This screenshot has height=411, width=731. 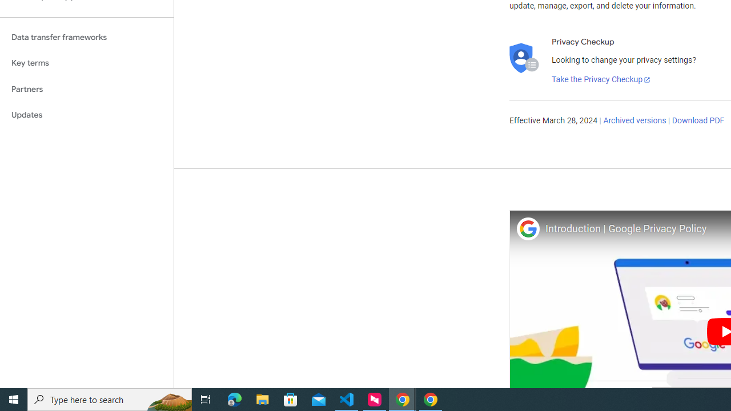 What do you see at coordinates (601, 79) in the screenshot?
I see `'Take the Privacy Checkup'` at bounding box center [601, 79].